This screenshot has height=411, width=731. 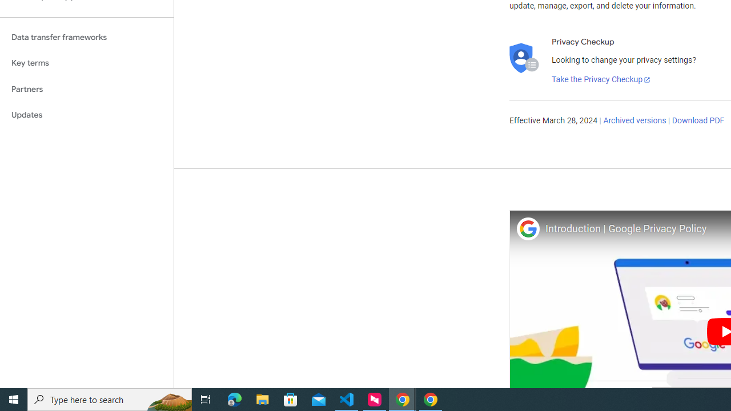 What do you see at coordinates (601, 79) in the screenshot?
I see `'Take the Privacy Checkup'` at bounding box center [601, 79].